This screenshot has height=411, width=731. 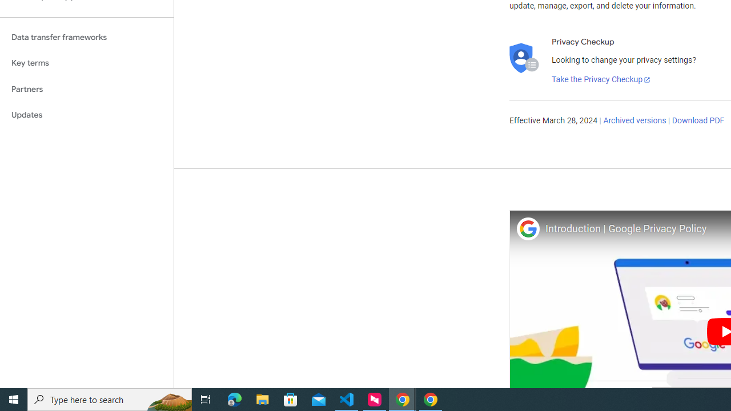 What do you see at coordinates (601, 79) in the screenshot?
I see `'Take the Privacy Checkup'` at bounding box center [601, 79].